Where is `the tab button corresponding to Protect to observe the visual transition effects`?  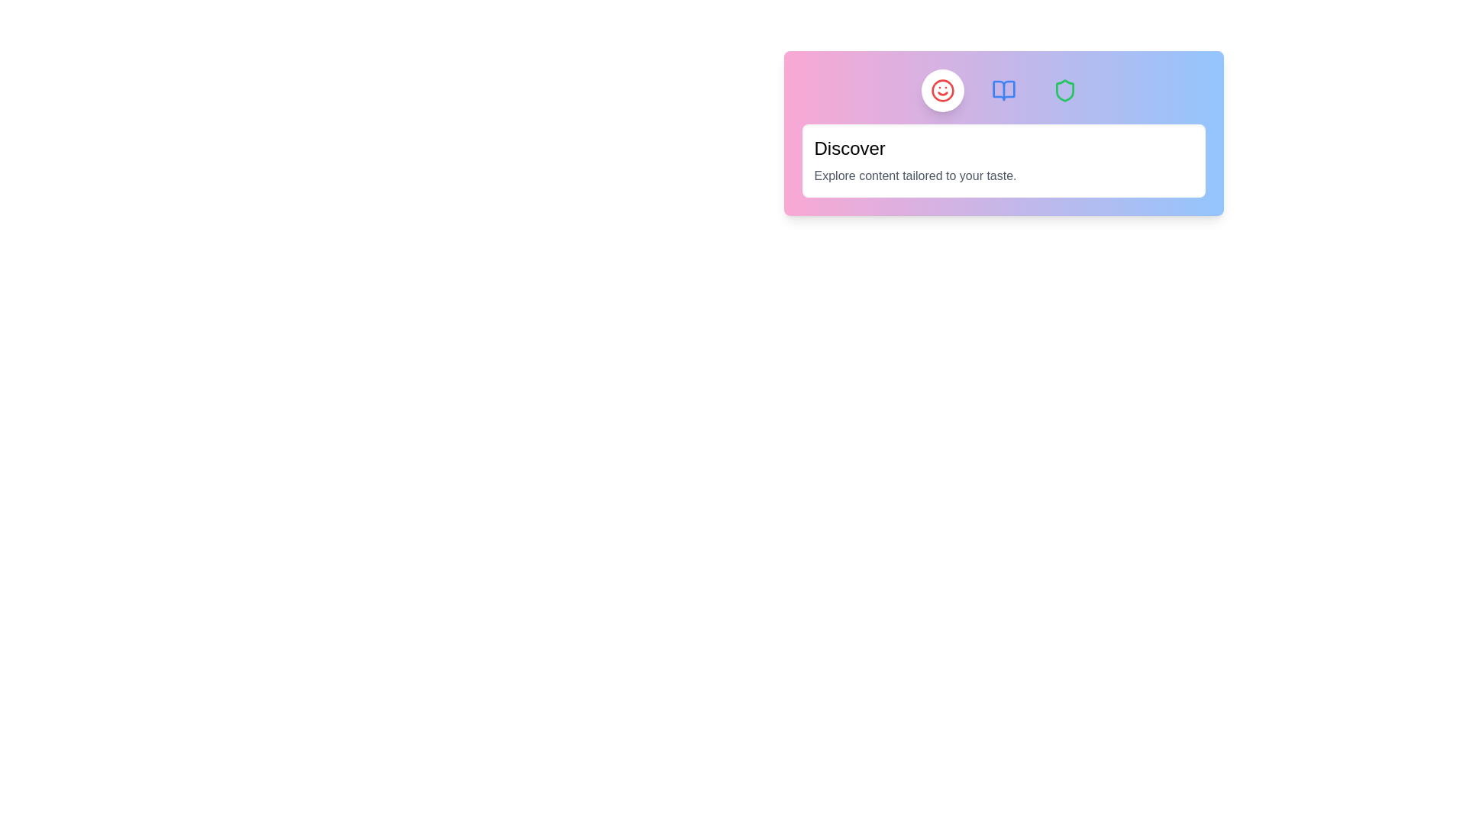
the tab button corresponding to Protect to observe the visual transition effects is located at coordinates (1064, 91).